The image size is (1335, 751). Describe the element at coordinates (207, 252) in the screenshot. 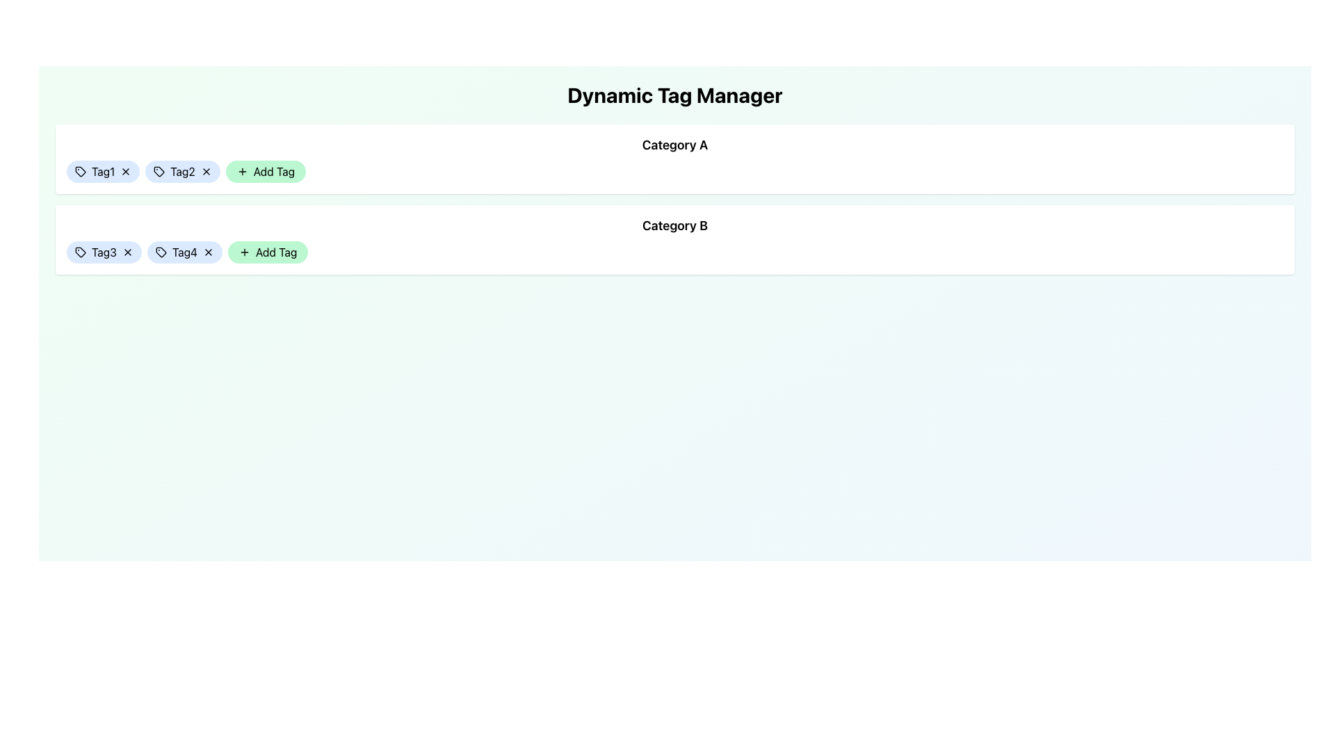

I see `the minimalist 'X' icon button within the 'Tag4' label in Category B to change its color to red` at that location.